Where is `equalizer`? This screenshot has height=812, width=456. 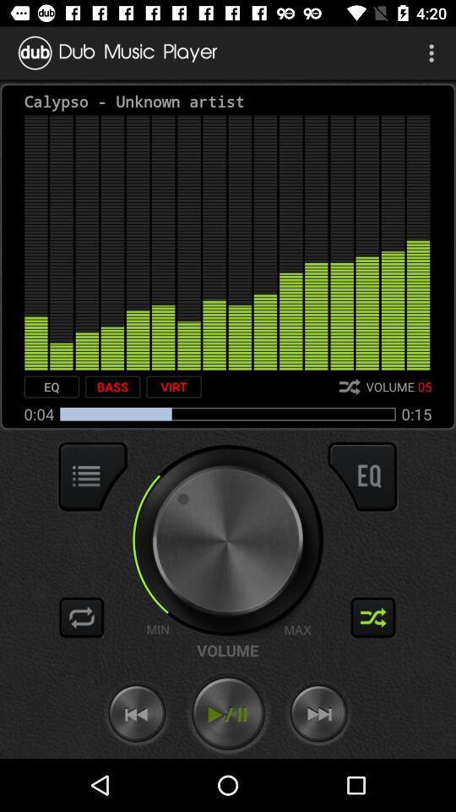 equalizer is located at coordinates (361, 476).